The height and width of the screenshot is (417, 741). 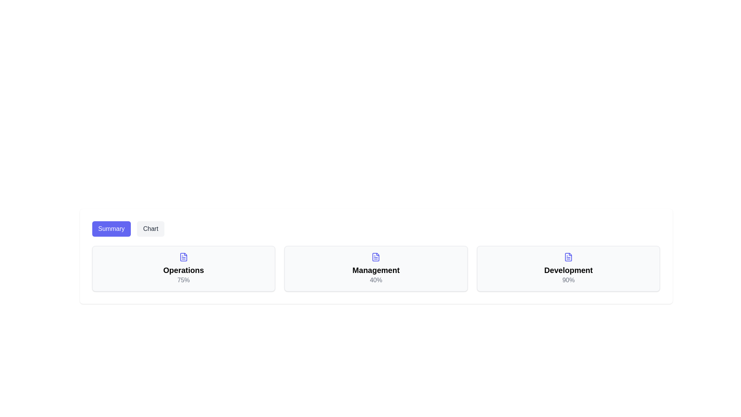 I want to click on the 'Summary' button, which is the first button in a horizontal layout of two buttons on the left side, so click(x=111, y=229).